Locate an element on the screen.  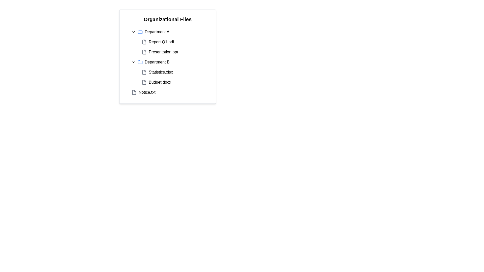
the clickable list item labeled 'Budget.docx' located under the 'Department B' folder, which is styled with a rounded clickable padding and a hover effect is located at coordinates (173, 82).